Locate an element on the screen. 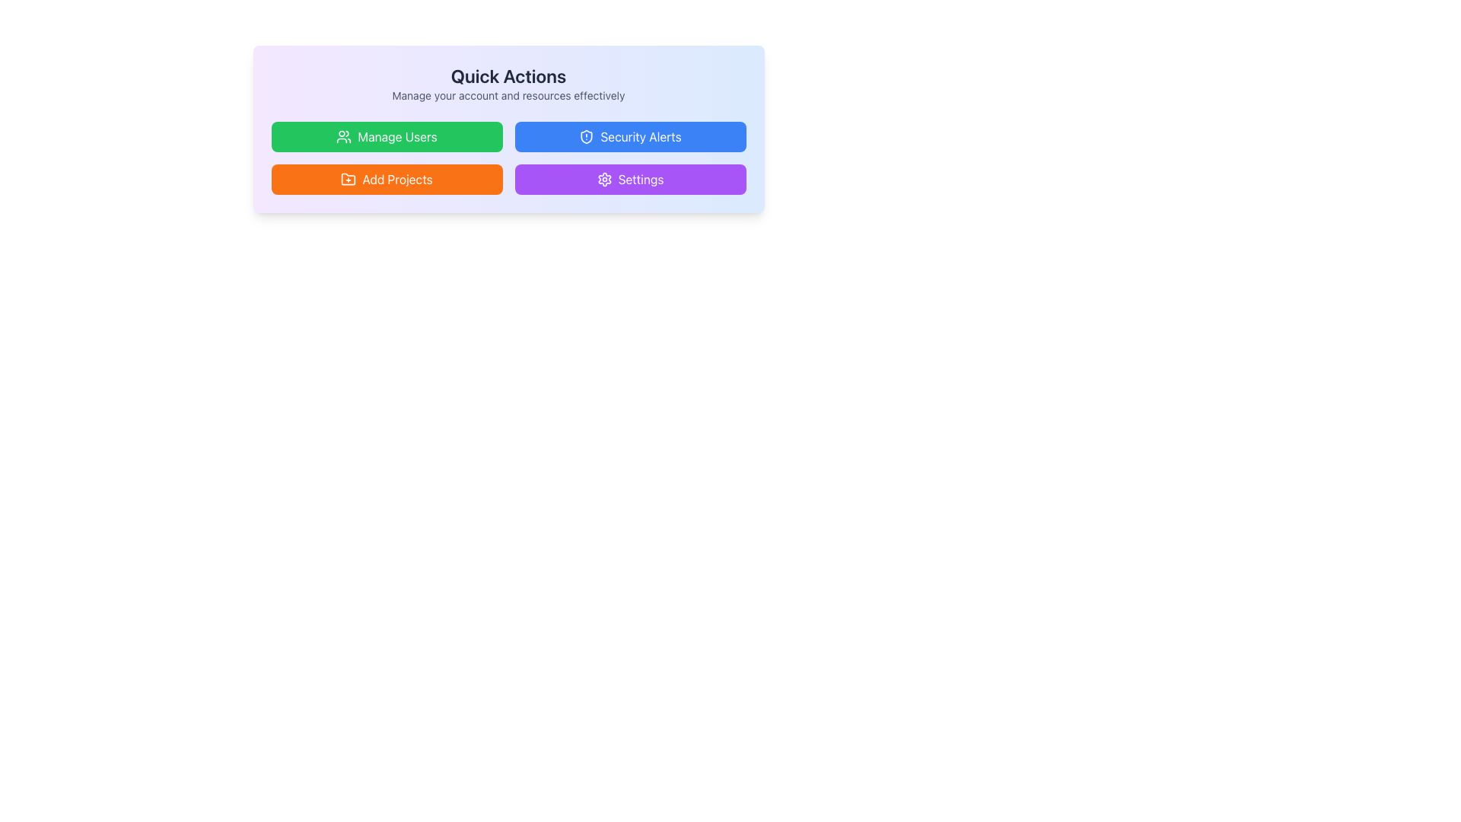  the 'Settings' button located in the bottom-right corner of the button grid is located at coordinates (630, 178).